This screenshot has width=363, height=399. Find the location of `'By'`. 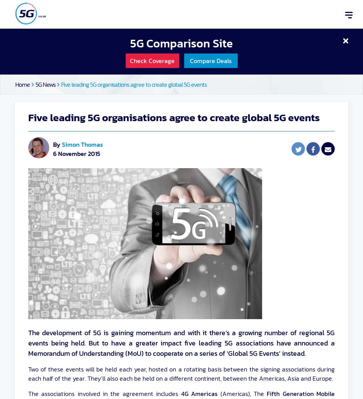

'By' is located at coordinates (57, 144).